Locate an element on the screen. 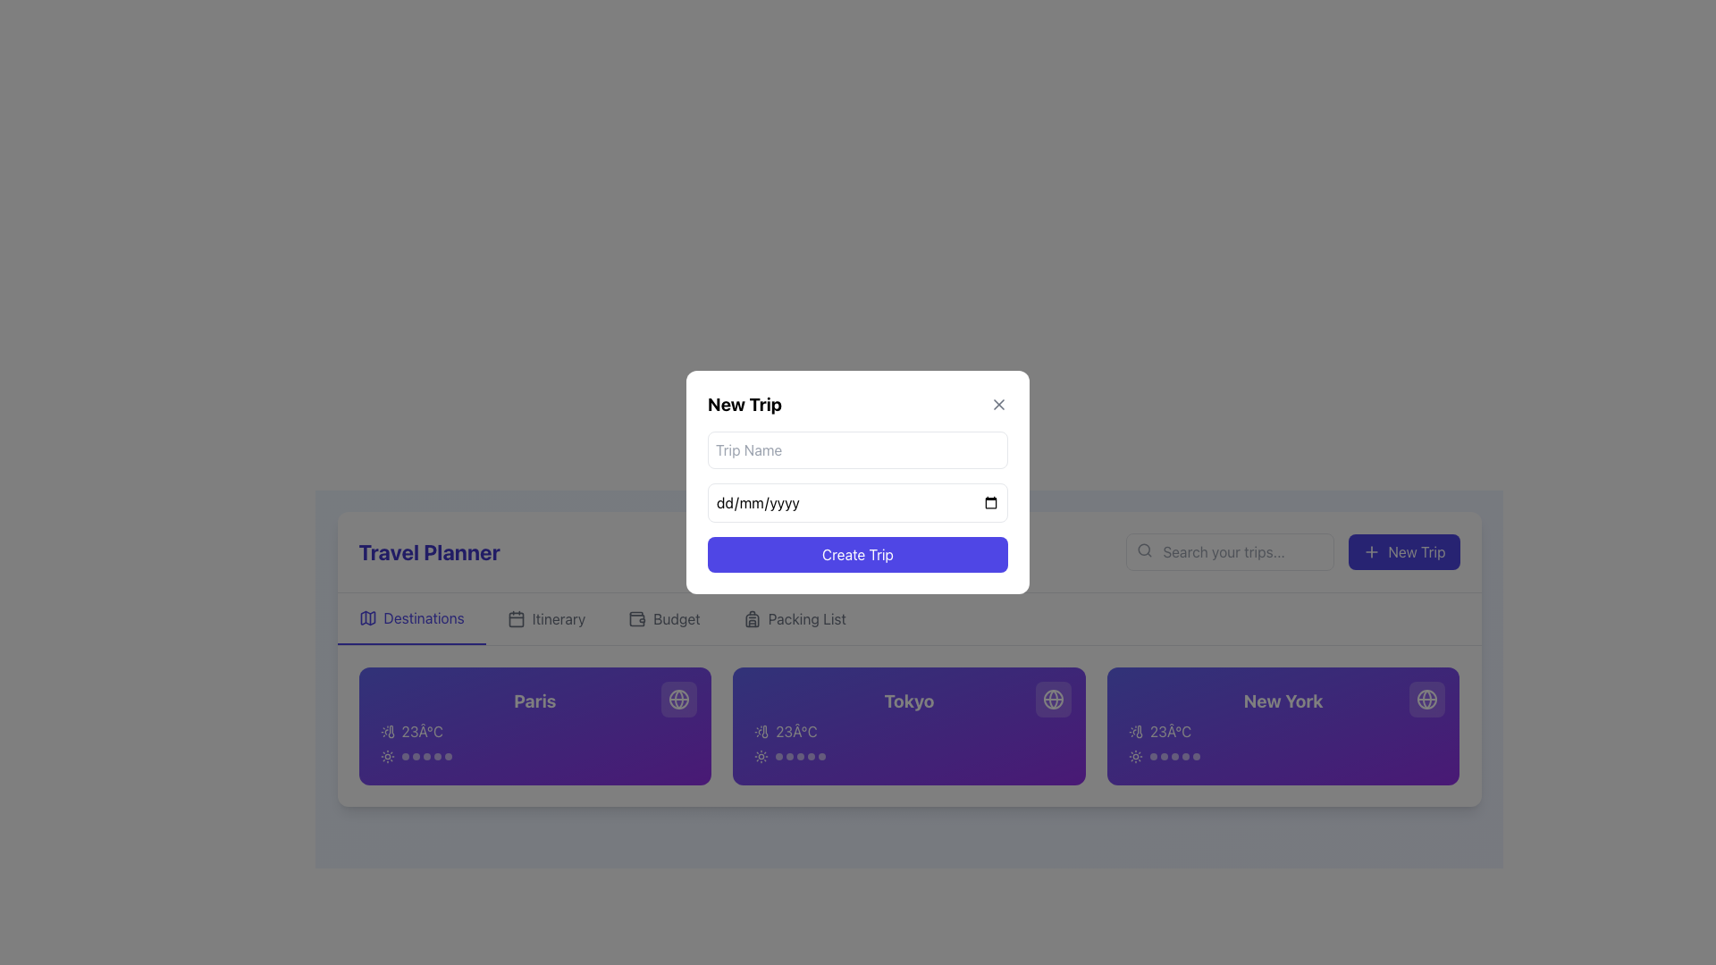  the globe icon located in the top-right corner of the 'New York' card is located at coordinates (1426, 699).